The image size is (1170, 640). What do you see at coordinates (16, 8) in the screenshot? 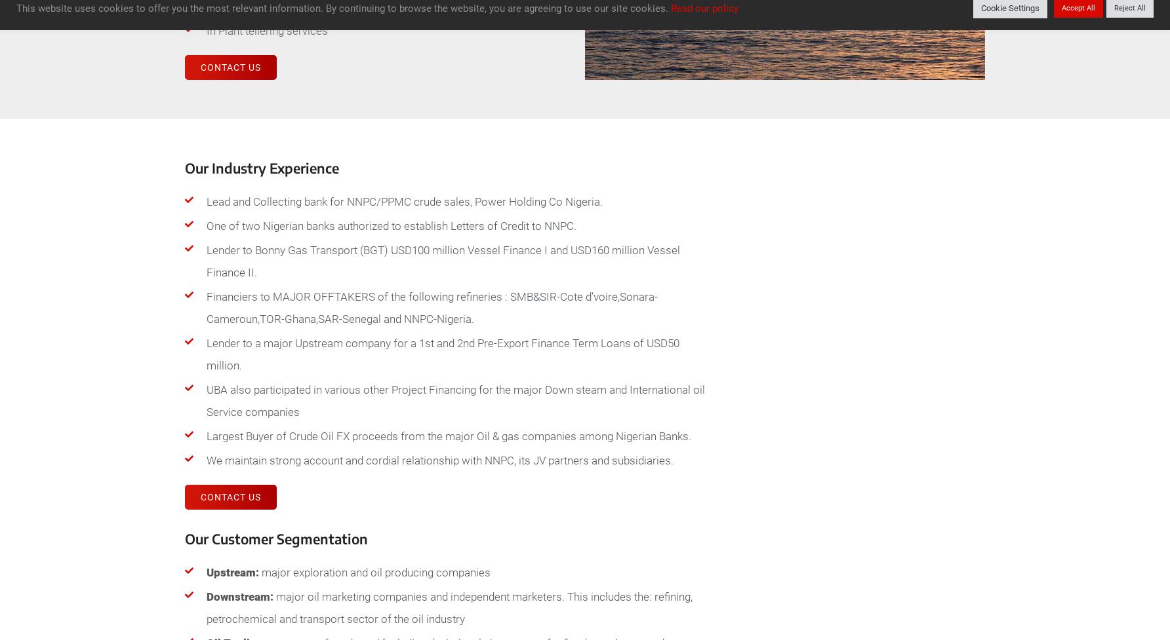
I see `'This website uses cookies to offer you the most relevant information. By continuing to browse the website, you are agreeing to use our site cookies.'` at bounding box center [16, 8].